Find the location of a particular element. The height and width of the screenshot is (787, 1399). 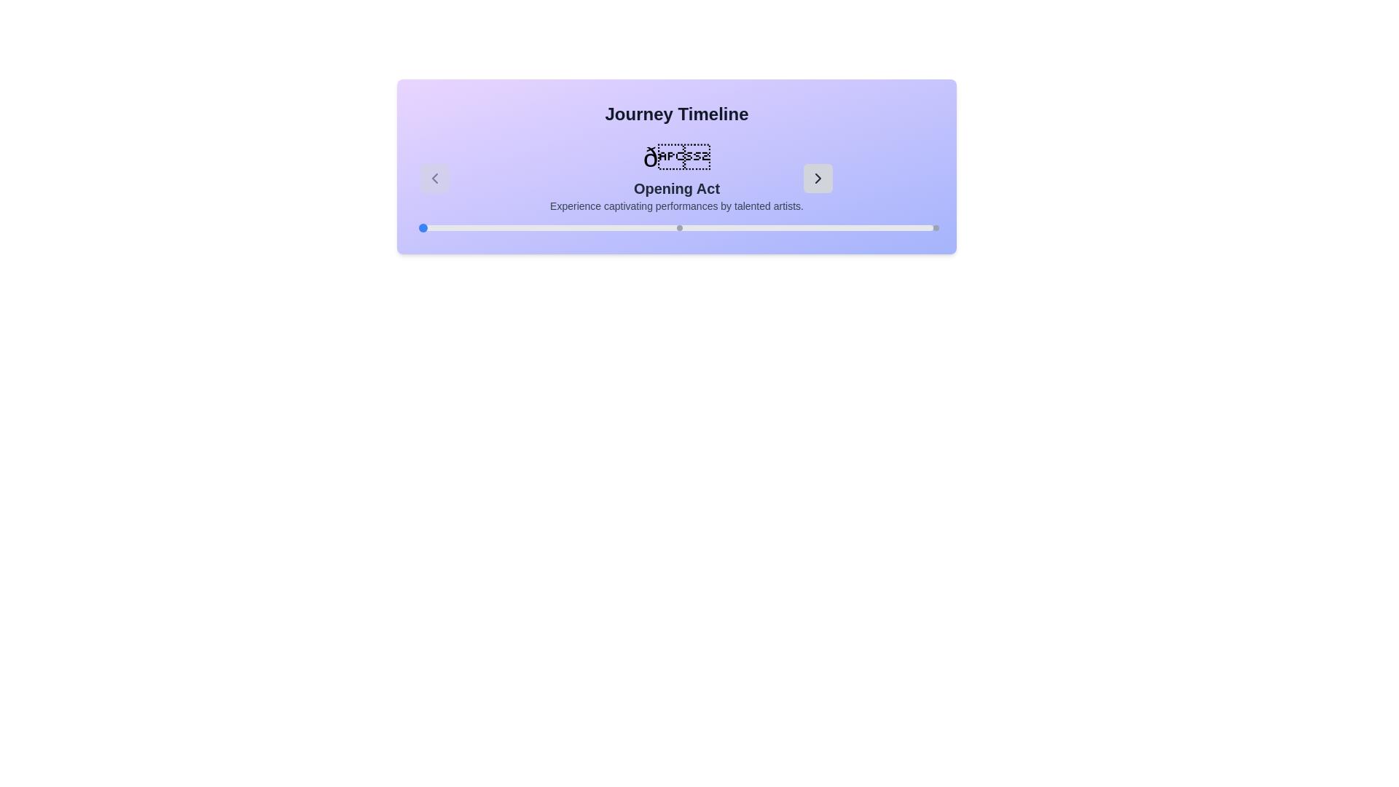

the slider position is located at coordinates (713, 227).